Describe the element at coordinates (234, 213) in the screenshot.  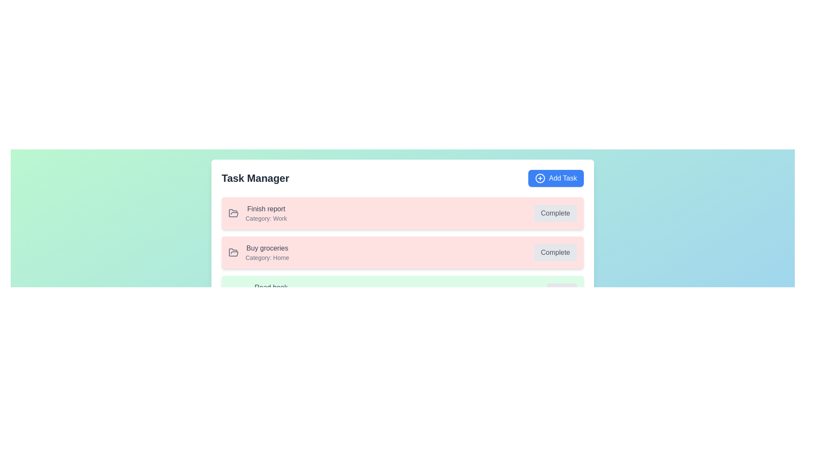
I see `the open folder icon located to the left of the 'Buy groceries, Category: Home' task item in the task list application interface` at that location.